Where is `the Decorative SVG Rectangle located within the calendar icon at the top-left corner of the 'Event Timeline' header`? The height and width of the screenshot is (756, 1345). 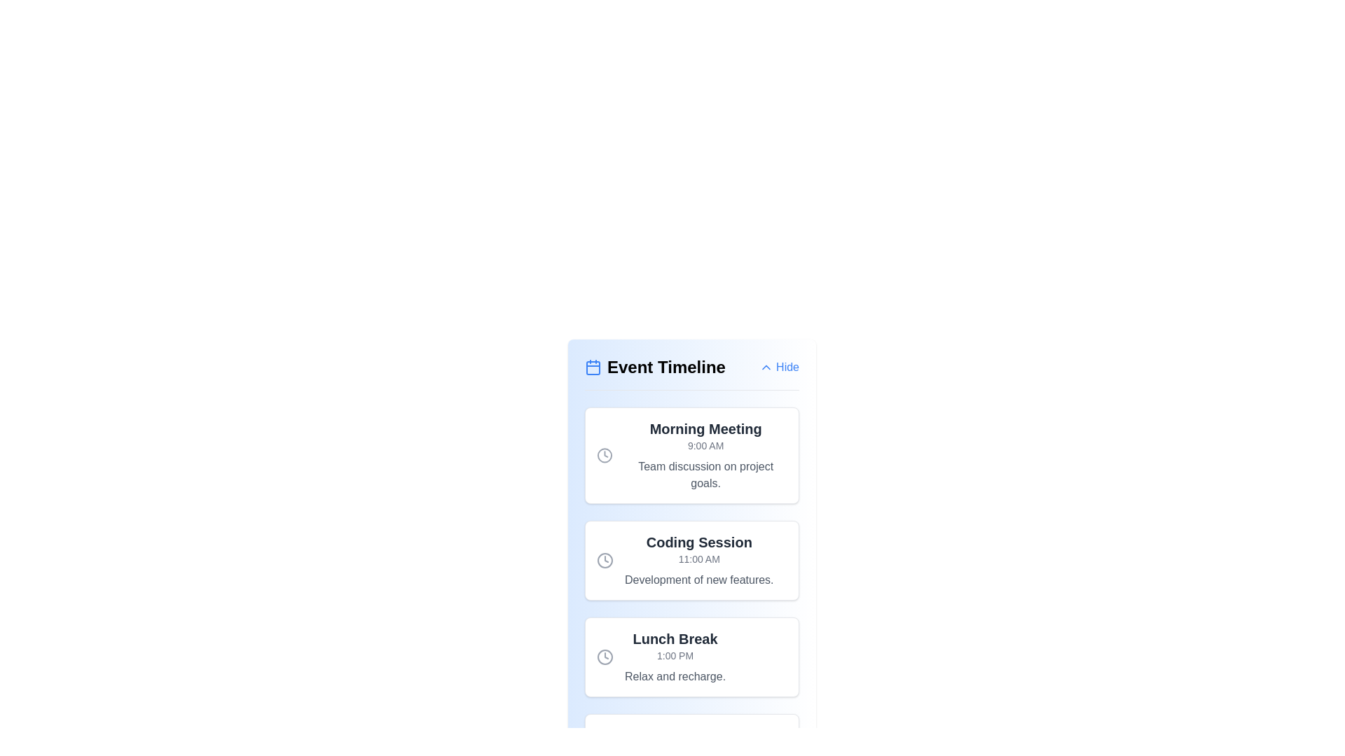 the Decorative SVG Rectangle located within the calendar icon at the top-left corner of the 'Event Timeline' header is located at coordinates (593, 367).